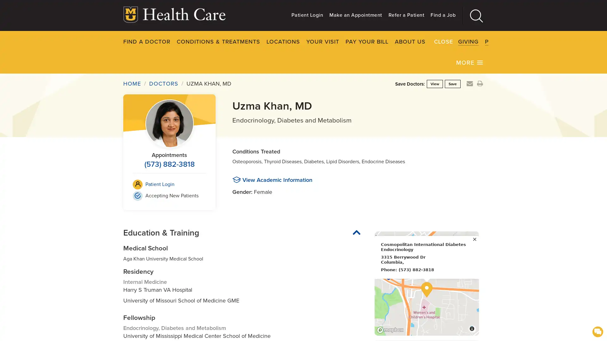 Image resolution: width=607 pixels, height=341 pixels. Describe the element at coordinates (475, 238) in the screenshot. I see `Close popup` at that location.